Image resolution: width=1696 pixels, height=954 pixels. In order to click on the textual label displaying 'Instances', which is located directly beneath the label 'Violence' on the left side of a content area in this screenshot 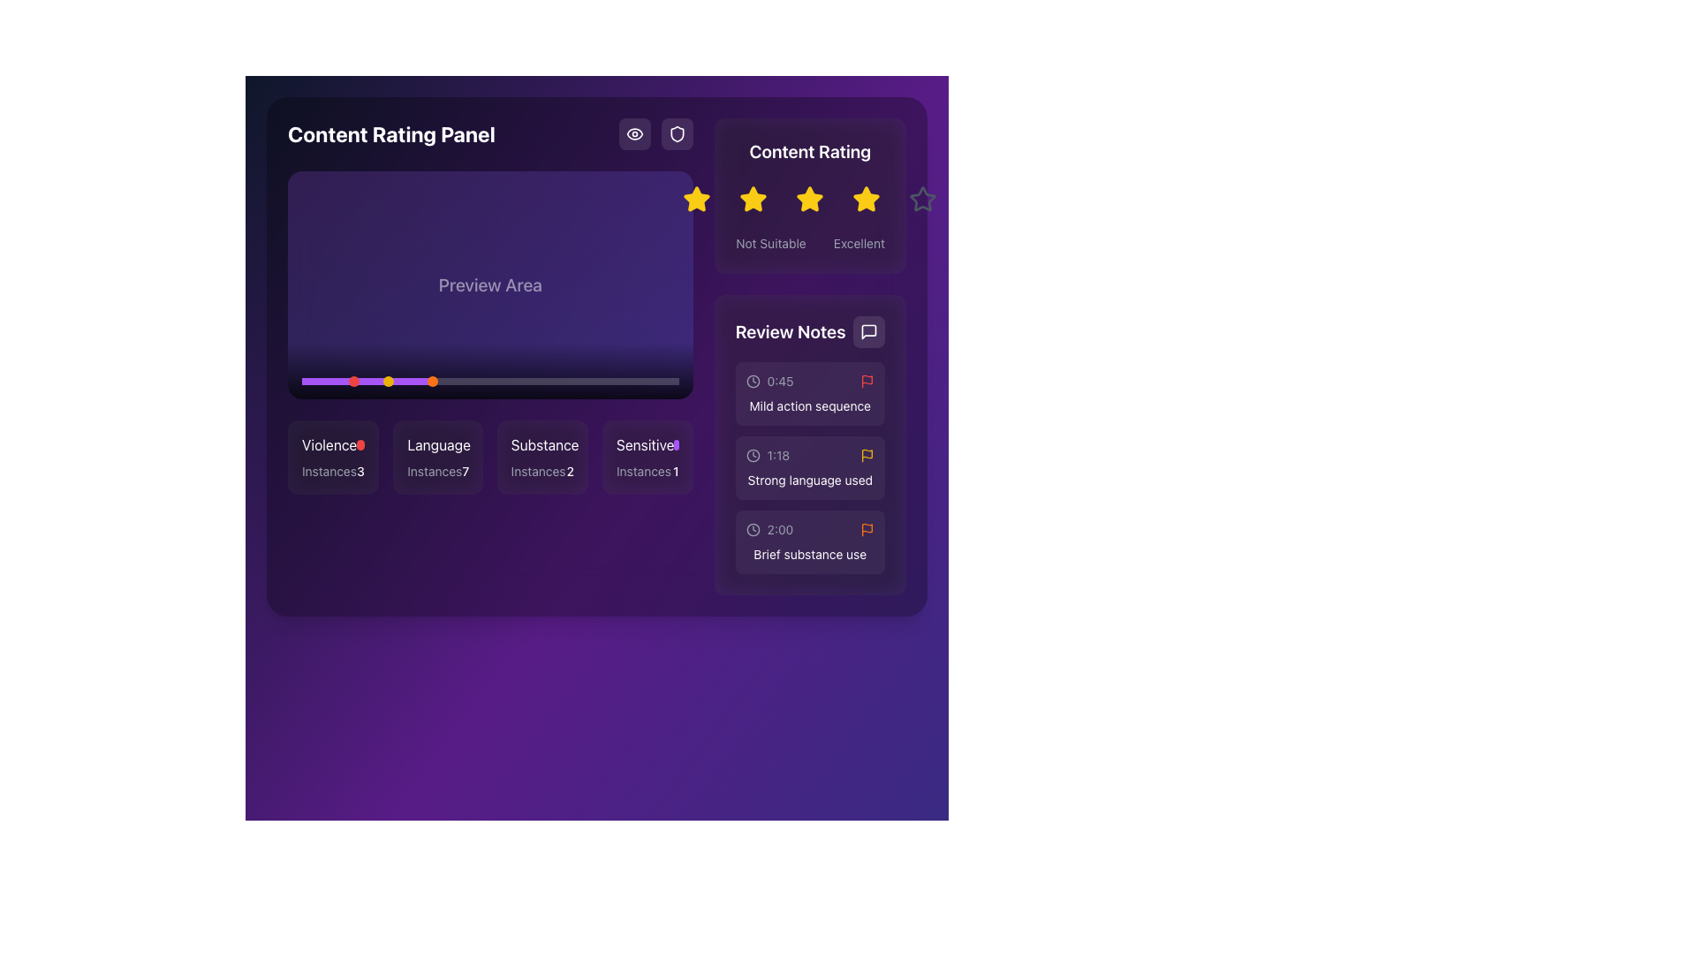, I will do `click(329, 470)`.